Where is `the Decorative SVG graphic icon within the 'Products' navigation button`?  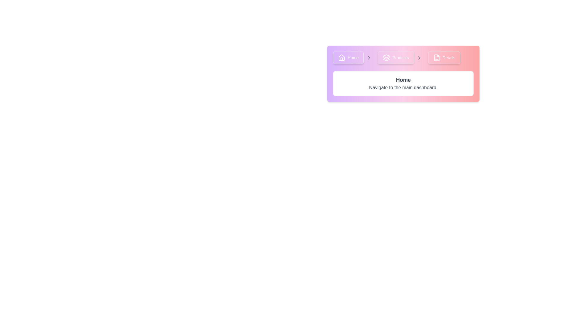
the Decorative SVG graphic icon within the 'Products' navigation button is located at coordinates (386, 56).